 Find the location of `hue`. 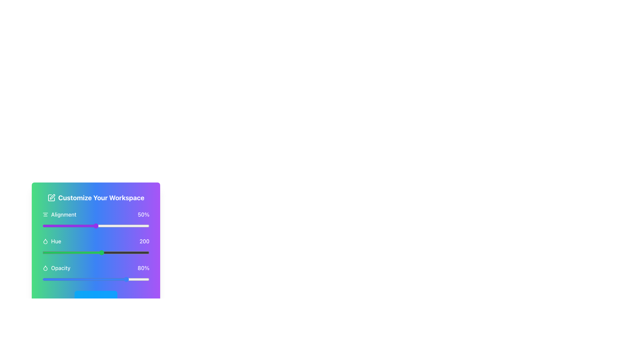

hue is located at coordinates (61, 253).